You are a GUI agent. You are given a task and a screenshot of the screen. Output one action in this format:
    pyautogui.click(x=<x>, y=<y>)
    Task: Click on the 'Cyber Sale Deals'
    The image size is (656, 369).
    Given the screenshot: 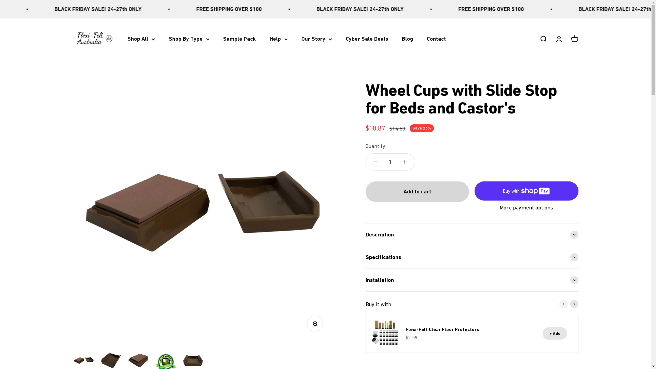 What is the action you would take?
    pyautogui.click(x=346, y=39)
    